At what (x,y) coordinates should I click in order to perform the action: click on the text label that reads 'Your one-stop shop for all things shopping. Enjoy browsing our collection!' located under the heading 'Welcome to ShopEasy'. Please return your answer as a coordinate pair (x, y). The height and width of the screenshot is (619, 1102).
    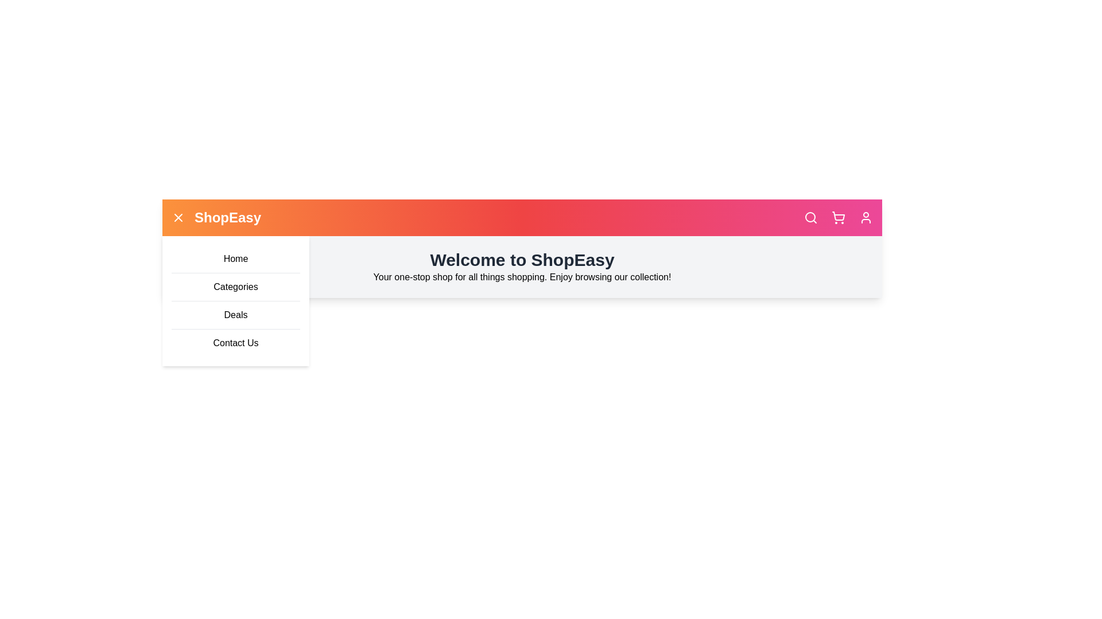
    Looking at the image, I should click on (522, 277).